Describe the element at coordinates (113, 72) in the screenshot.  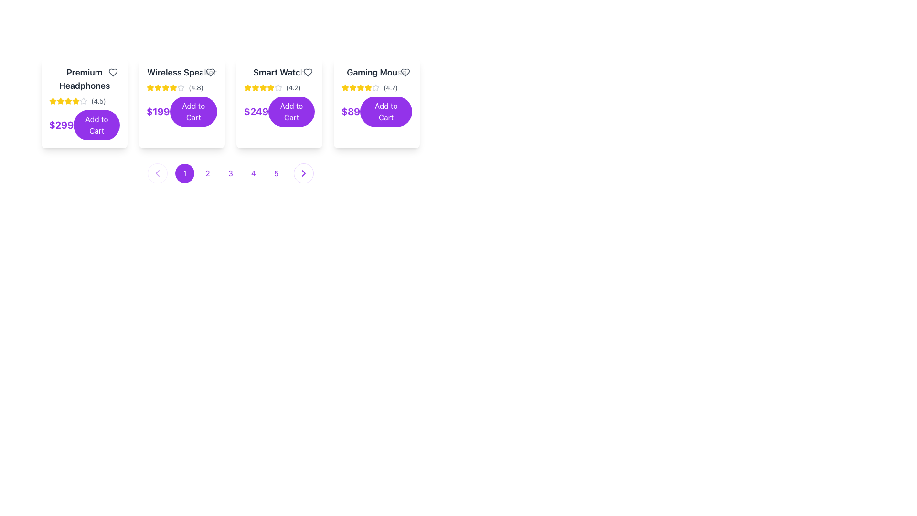
I see `the Favorite or Like toggle button represented by a heart icon located in the top-right corner of the first card for the 'Premium Headphones' product` at that location.